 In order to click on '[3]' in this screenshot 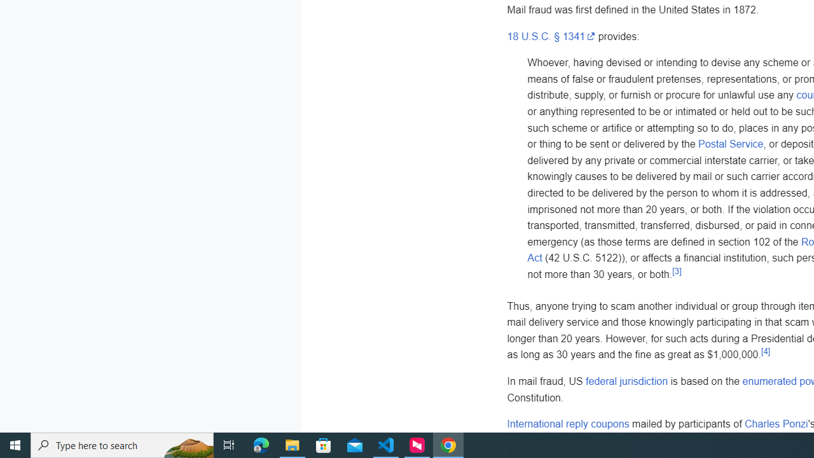, I will do `click(676, 270)`.